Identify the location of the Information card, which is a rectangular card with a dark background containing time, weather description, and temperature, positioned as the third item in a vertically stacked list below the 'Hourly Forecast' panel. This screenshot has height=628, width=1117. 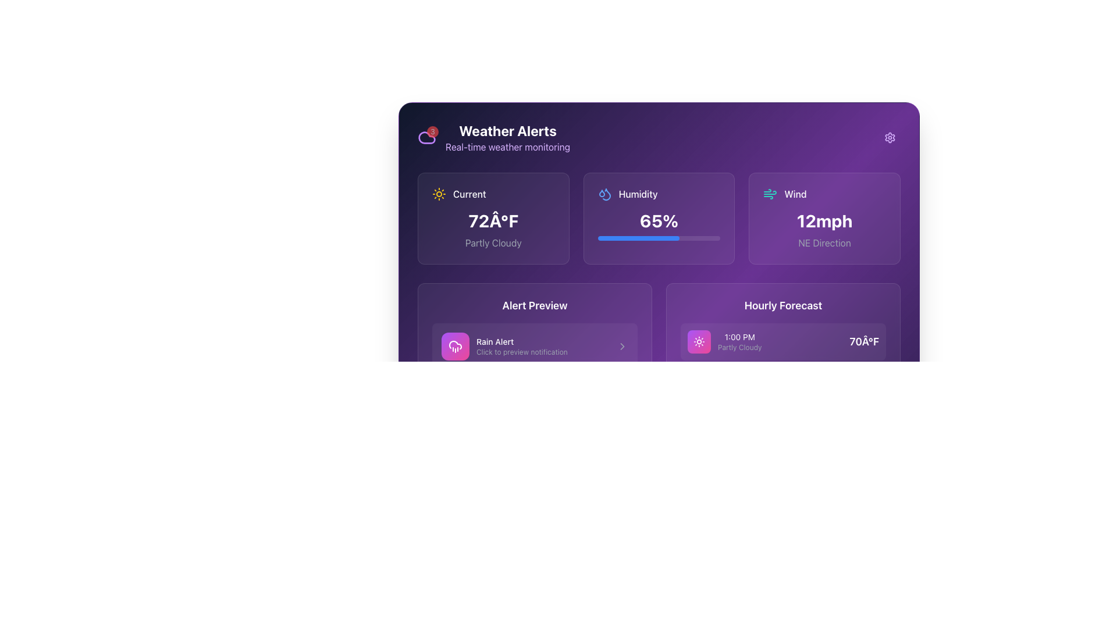
(783, 435).